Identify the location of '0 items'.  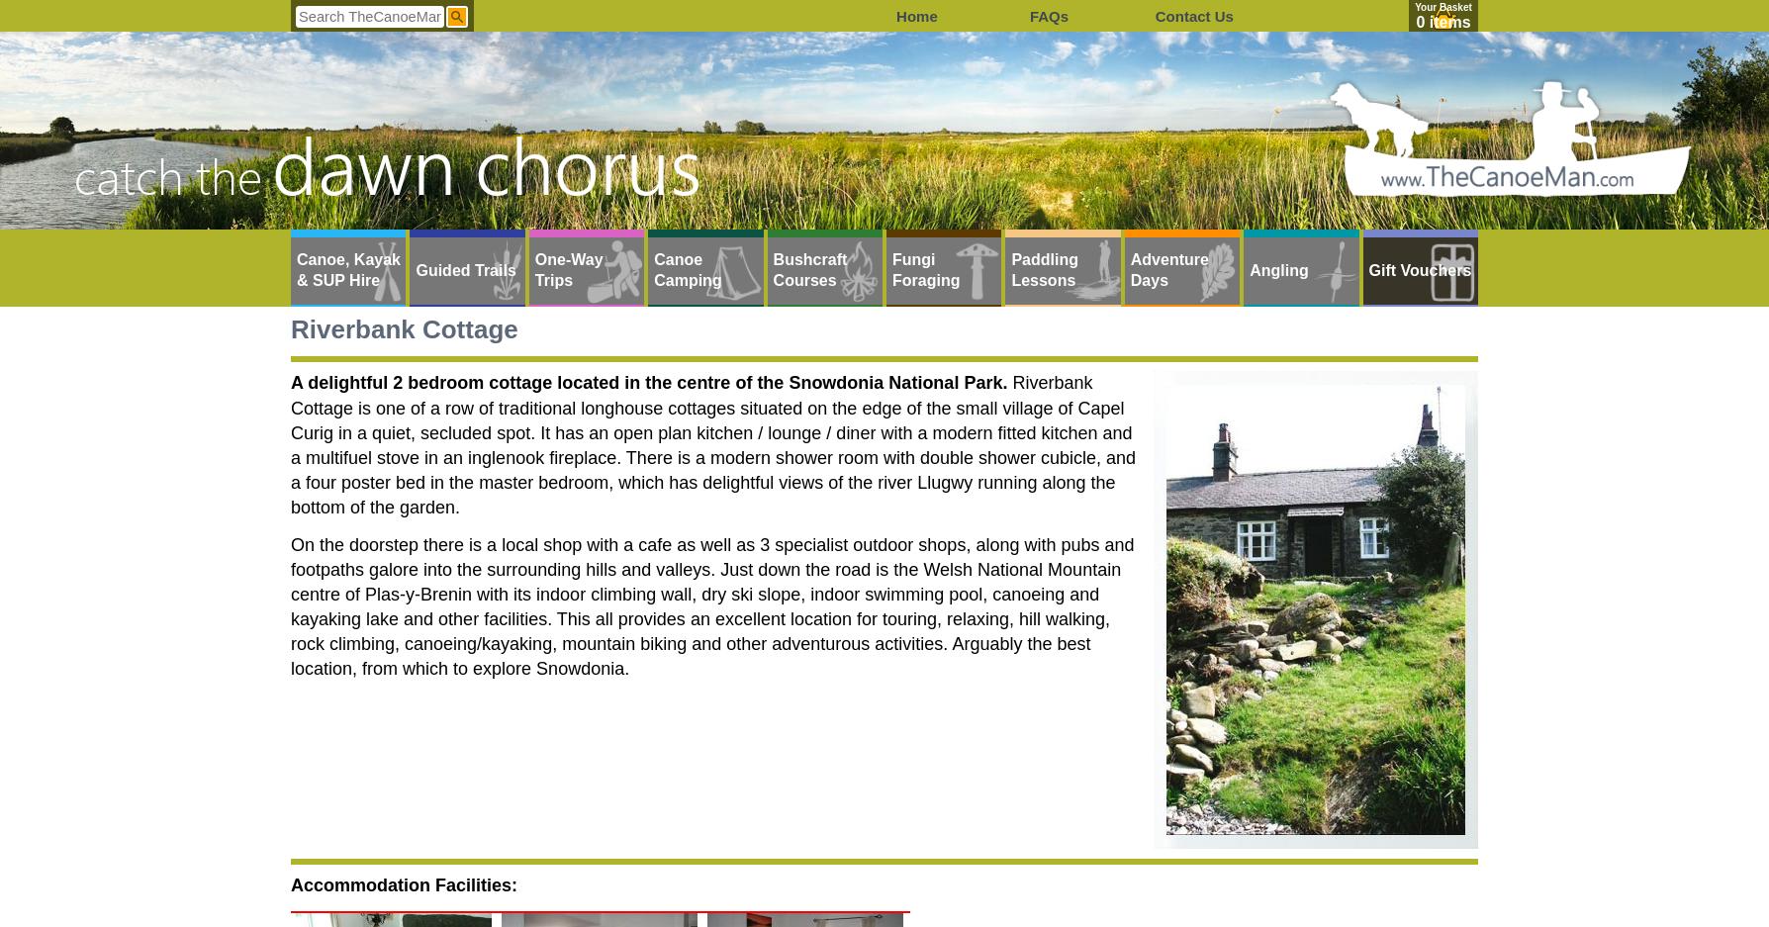
(1443, 21).